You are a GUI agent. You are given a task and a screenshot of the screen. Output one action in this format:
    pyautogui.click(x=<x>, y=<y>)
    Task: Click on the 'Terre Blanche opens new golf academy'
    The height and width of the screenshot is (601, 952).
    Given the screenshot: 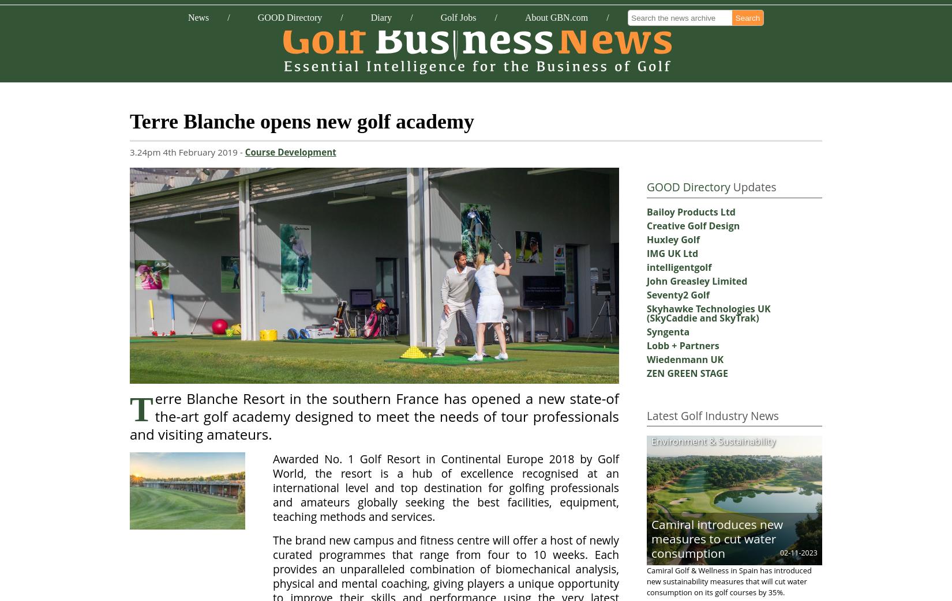 What is the action you would take?
    pyautogui.click(x=301, y=120)
    